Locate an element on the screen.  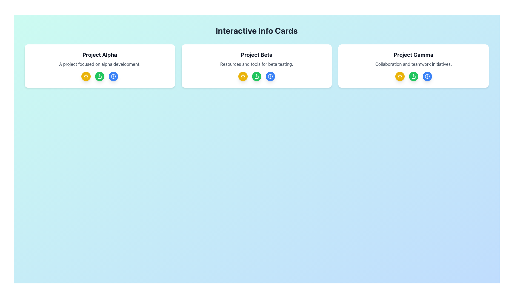
the circular yellow button with a white star icon, located below the heading 'Project Beta', to trigger a visual transition is located at coordinates (243, 76).